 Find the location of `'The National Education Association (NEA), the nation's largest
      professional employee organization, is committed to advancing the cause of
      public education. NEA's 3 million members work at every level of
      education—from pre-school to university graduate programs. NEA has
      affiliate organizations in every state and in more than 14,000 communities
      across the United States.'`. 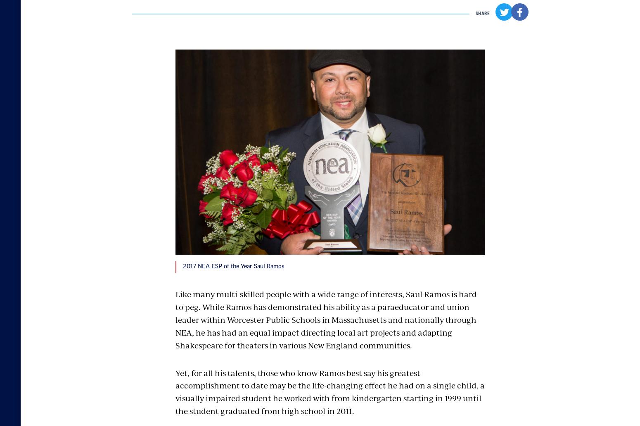

'The National Education Association (NEA), the nation's largest
      professional employee organization, is committed to advancing the cause of
      public education. NEA's 3 million members work at every level of
      education—from pre-school to university graduate programs. NEA has
      affiliate organizations in every state and in more than 14,000 communities
      across the United States.' is located at coordinates (403, 232).